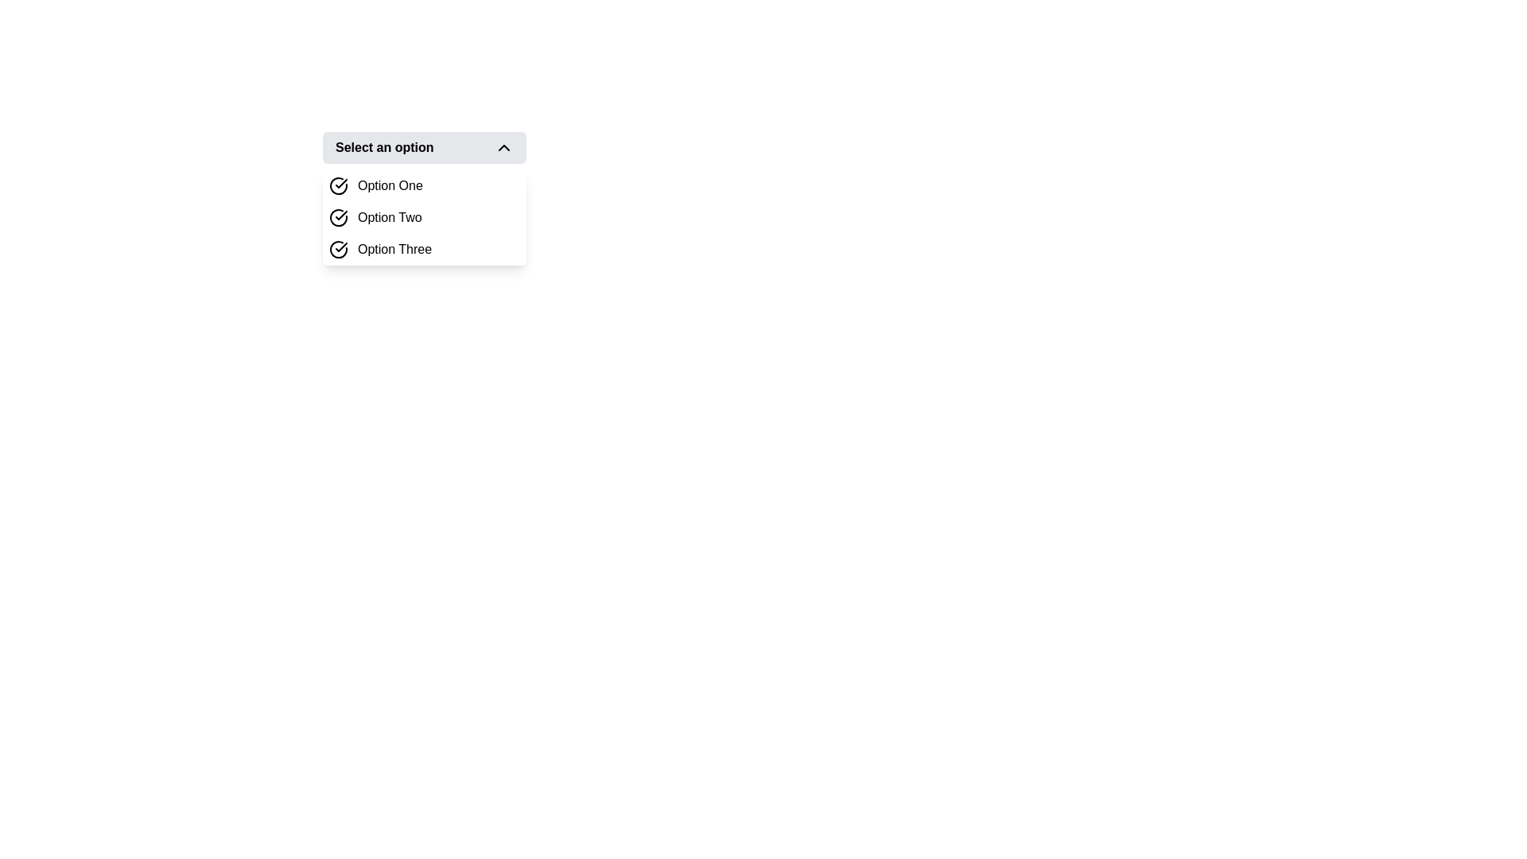 The height and width of the screenshot is (859, 1527). I want to click on the second text label in the dropdown menu, so click(390, 217).